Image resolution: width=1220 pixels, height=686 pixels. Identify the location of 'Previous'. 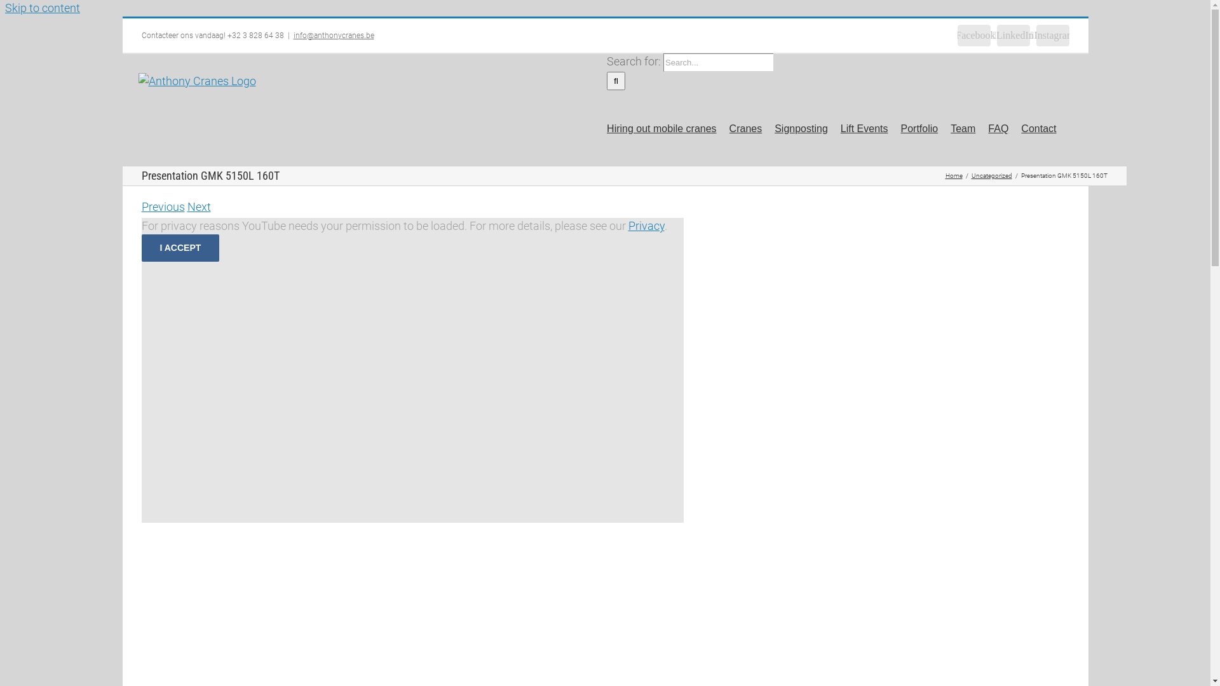
(140, 206).